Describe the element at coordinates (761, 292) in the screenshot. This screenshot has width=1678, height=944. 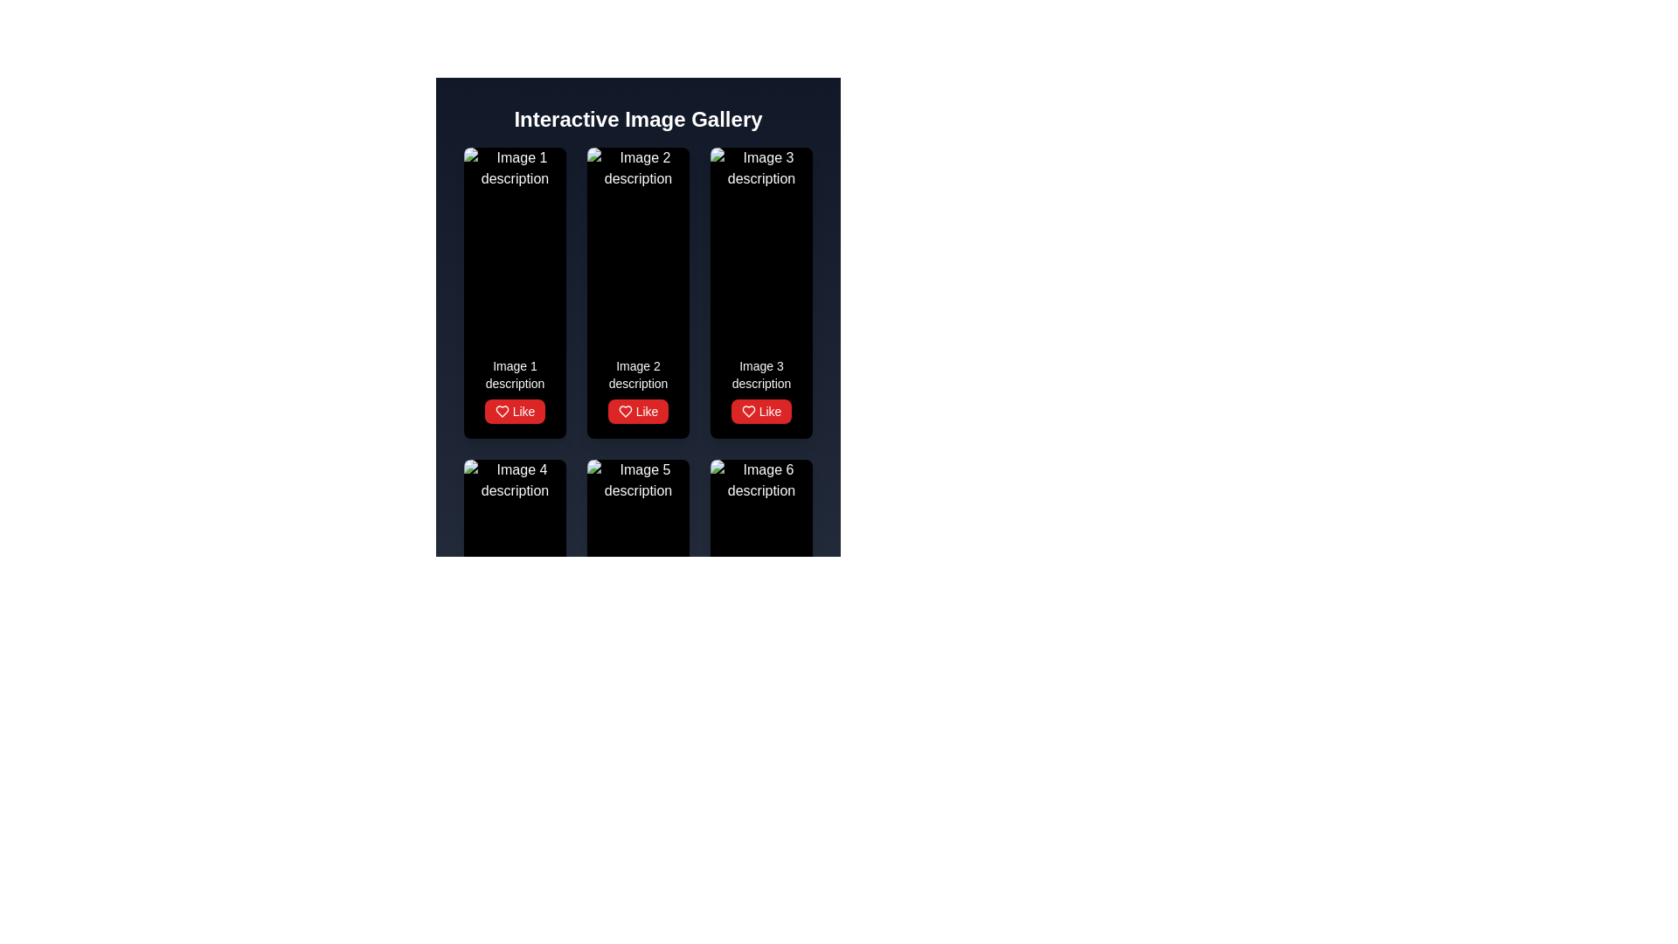
I see `the image in the third card of the Interactive Image Gallery to enlarge it` at that location.